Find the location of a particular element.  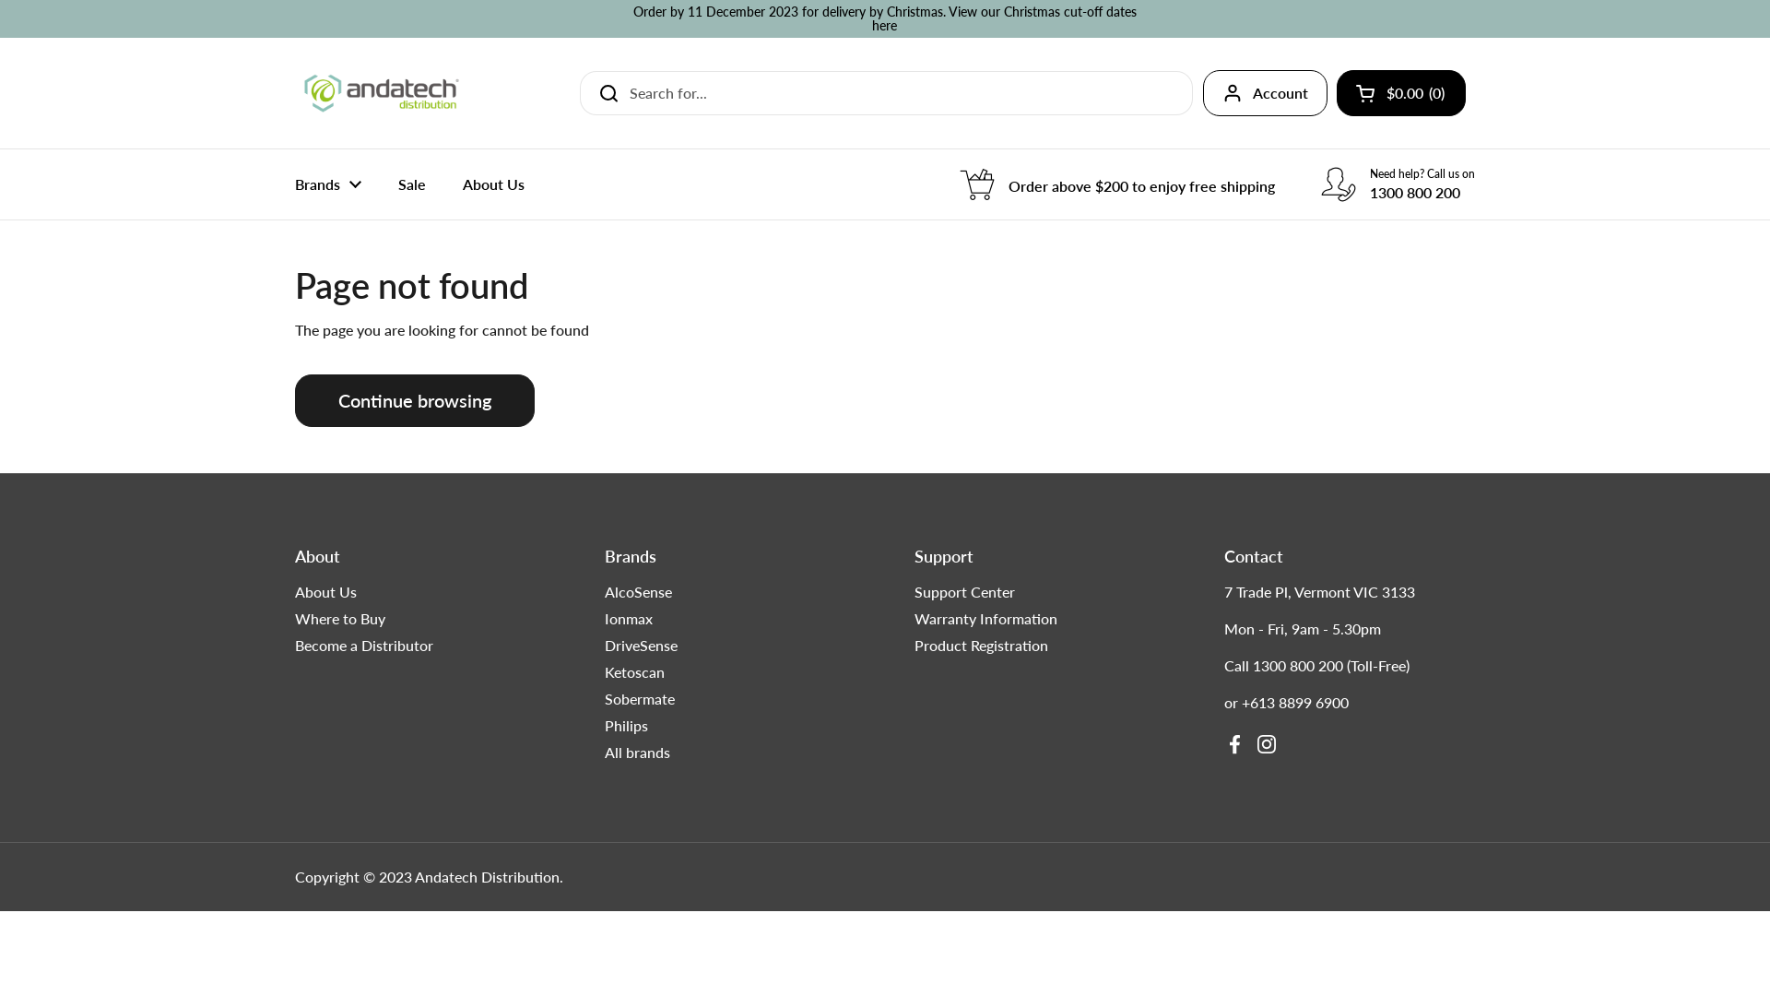

'Open cart is located at coordinates (1401, 92).